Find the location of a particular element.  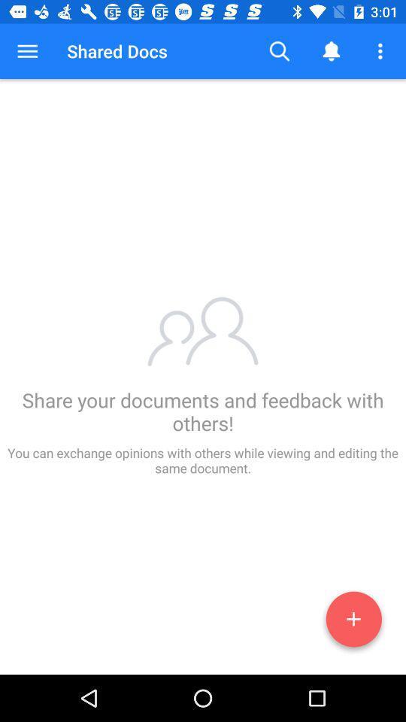

item next to the shared docs is located at coordinates (27, 51).